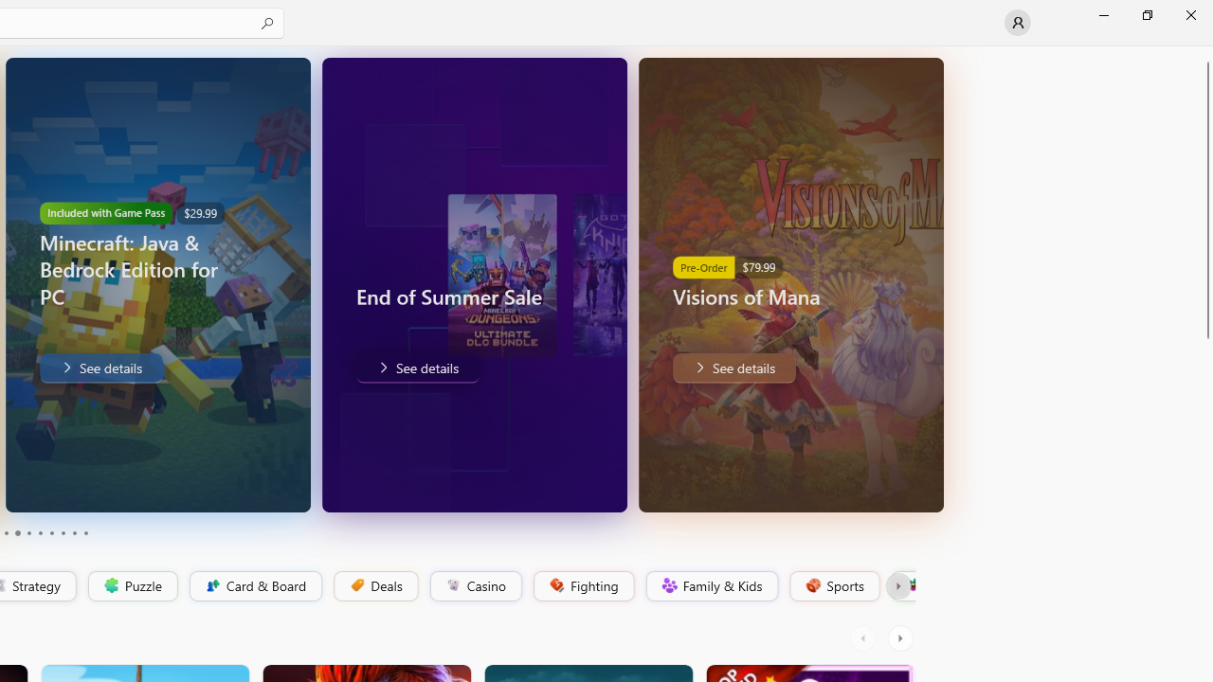  I want to click on 'Sports', so click(833, 585).